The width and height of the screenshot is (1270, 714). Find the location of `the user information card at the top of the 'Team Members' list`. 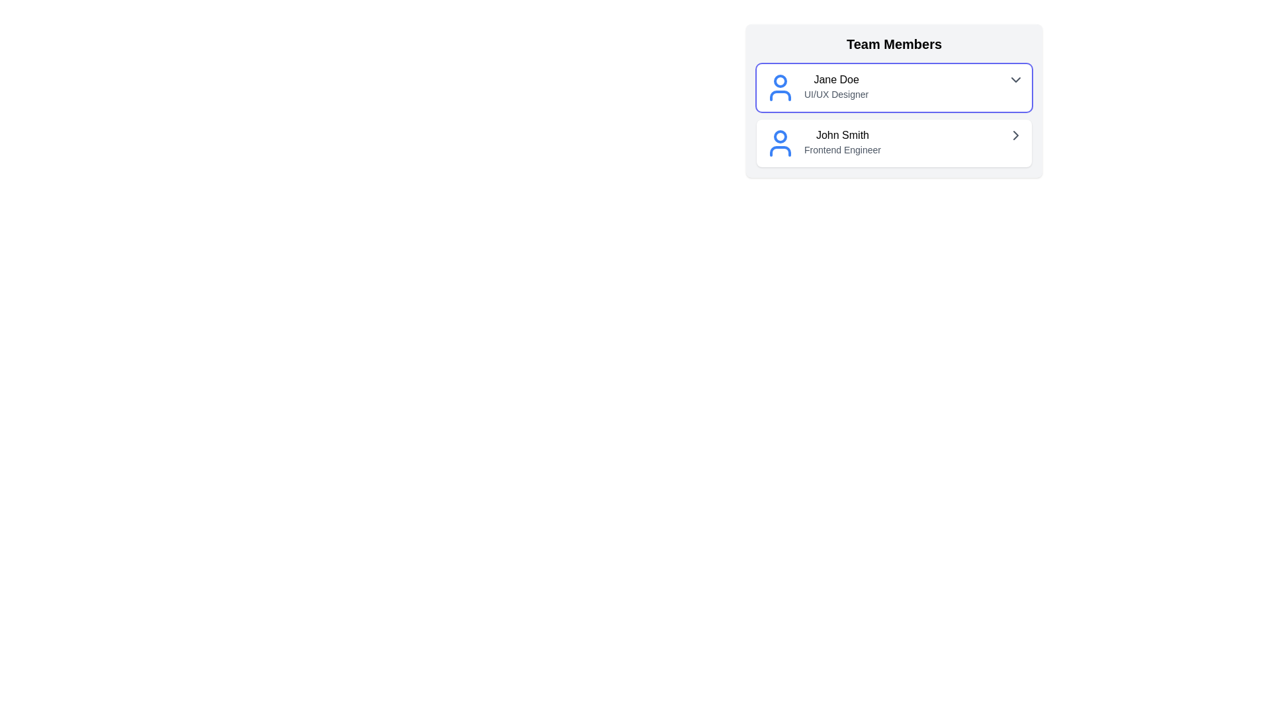

the user information card at the top of the 'Team Members' list is located at coordinates (894, 87).